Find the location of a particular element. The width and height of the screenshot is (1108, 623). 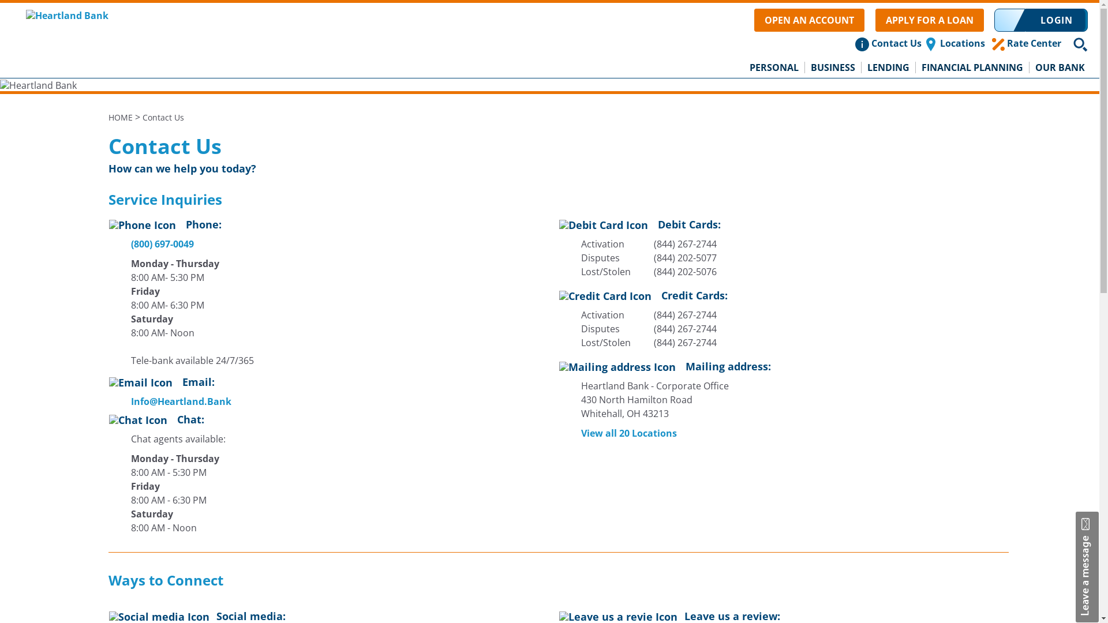

'LOGIN' is located at coordinates (1056, 20).